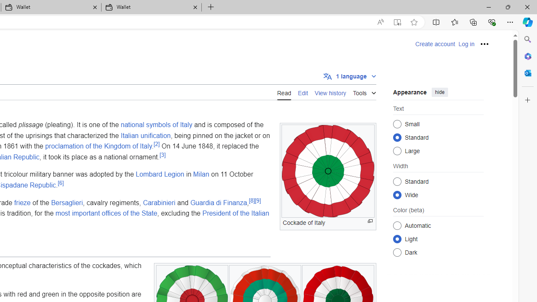 The width and height of the screenshot is (537, 302). What do you see at coordinates (397, 181) in the screenshot?
I see `'Standard'` at bounding box center [397, 181].